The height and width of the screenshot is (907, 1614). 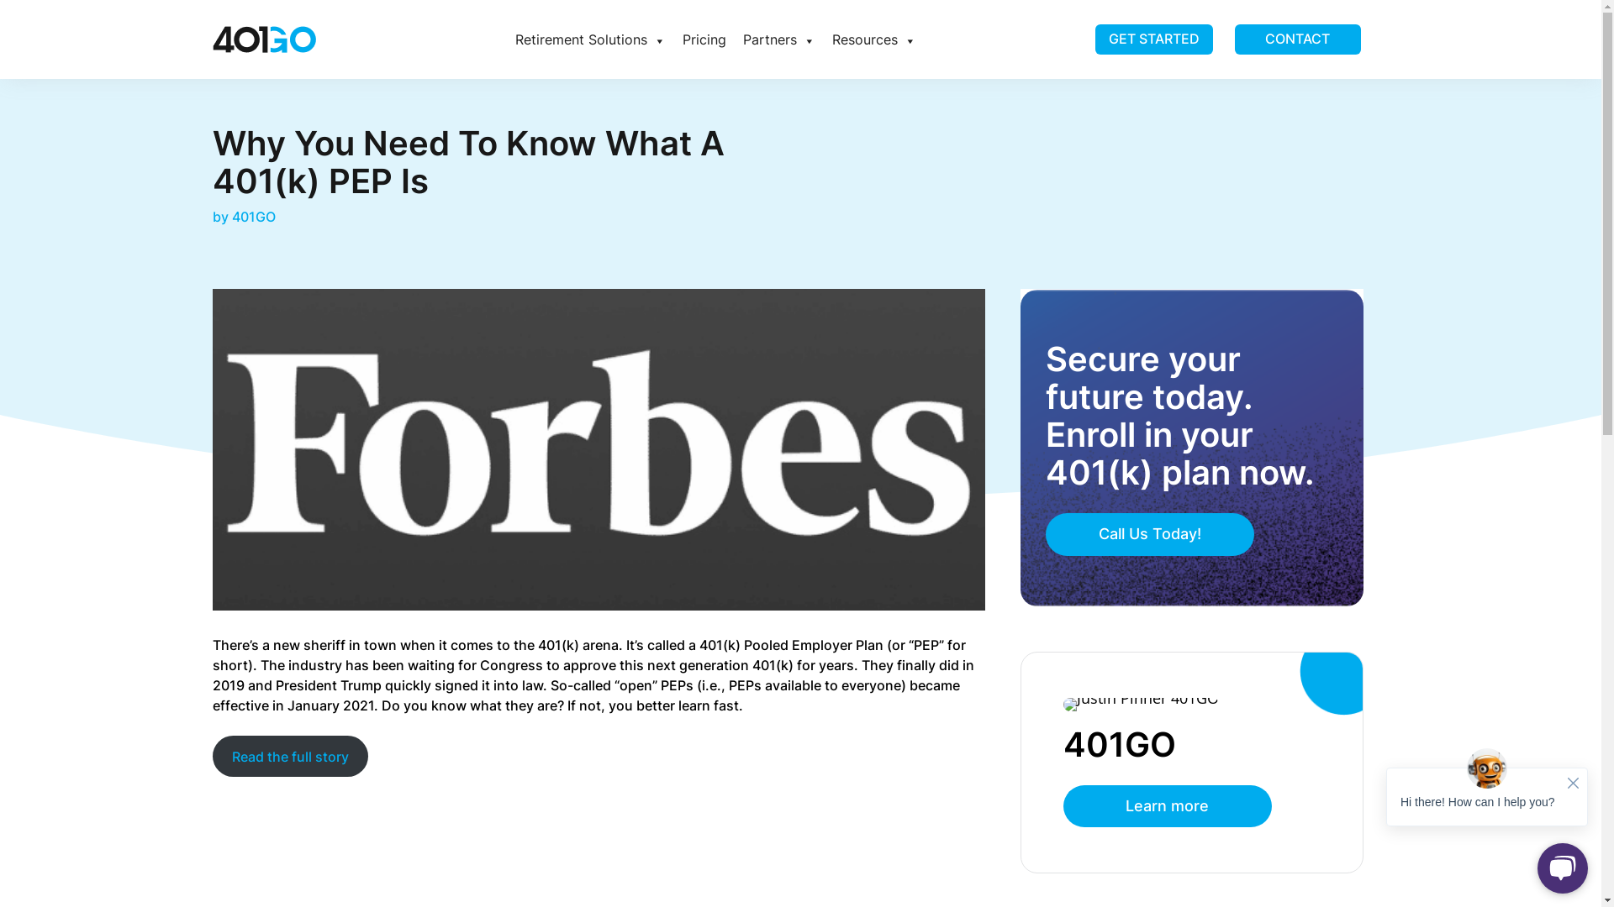 I want to click on '401GO', so click(x=253, y=216).